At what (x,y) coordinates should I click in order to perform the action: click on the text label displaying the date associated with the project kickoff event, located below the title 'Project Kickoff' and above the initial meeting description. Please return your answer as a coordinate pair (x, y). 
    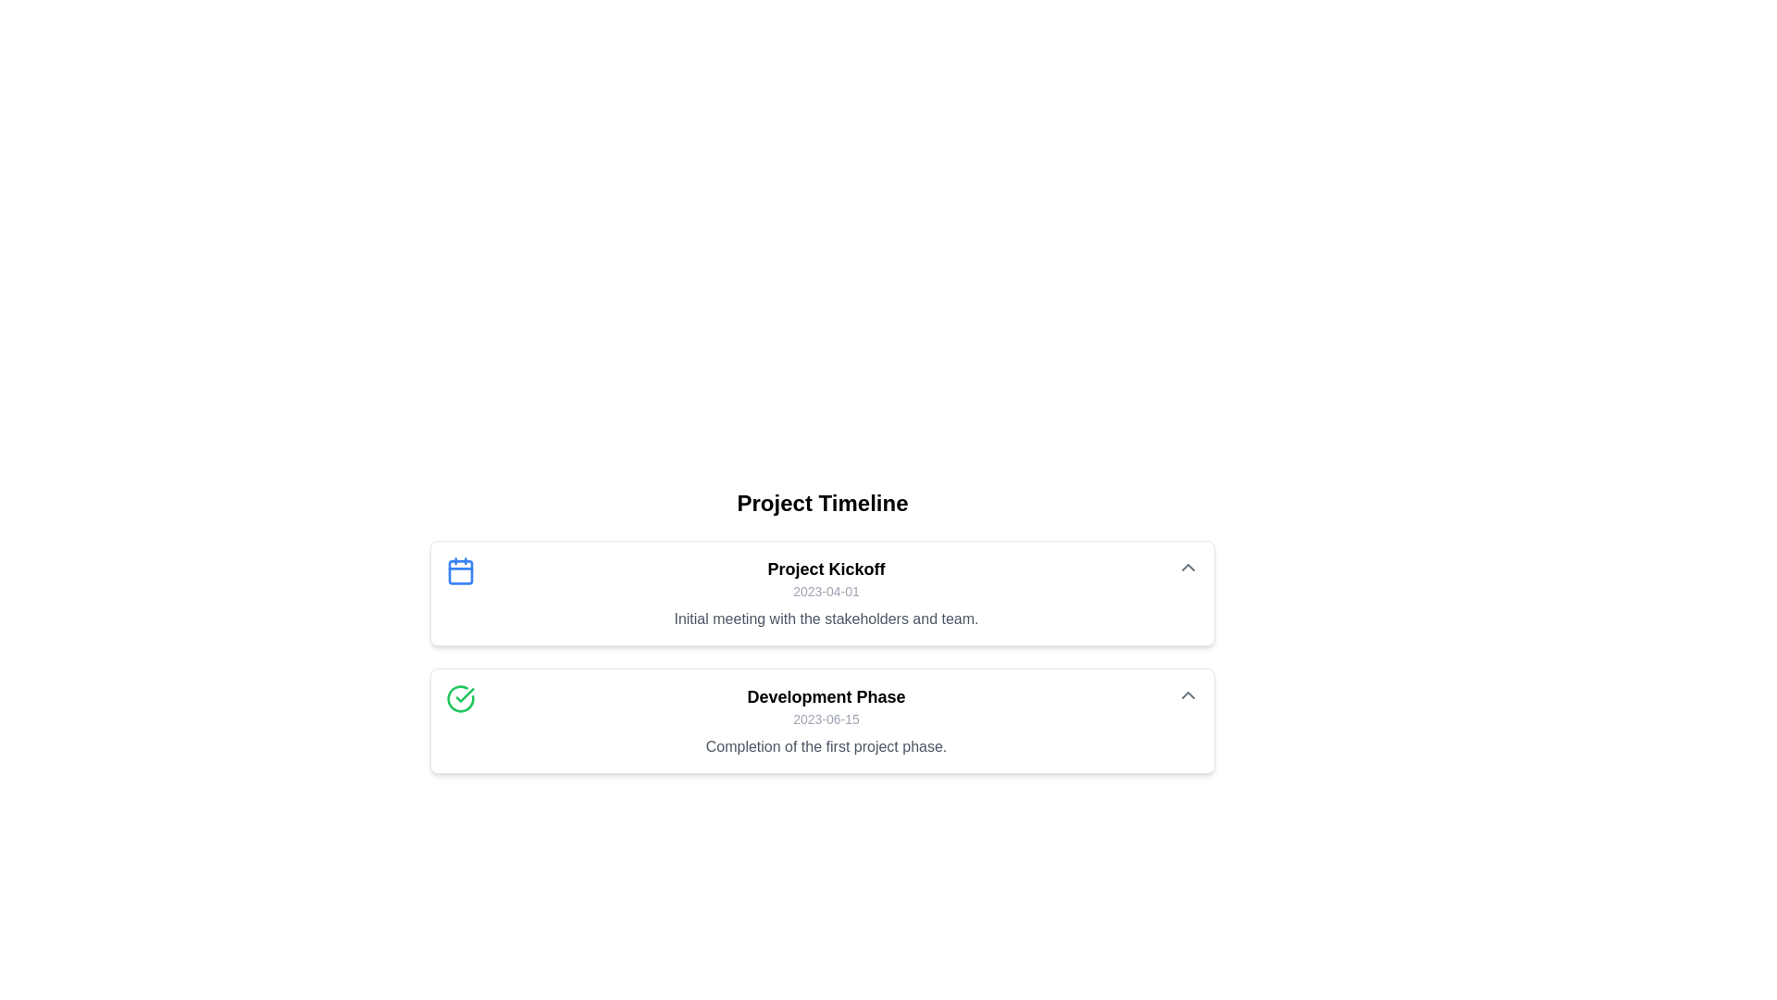
    Looking at the image, I should click on (825, 592).